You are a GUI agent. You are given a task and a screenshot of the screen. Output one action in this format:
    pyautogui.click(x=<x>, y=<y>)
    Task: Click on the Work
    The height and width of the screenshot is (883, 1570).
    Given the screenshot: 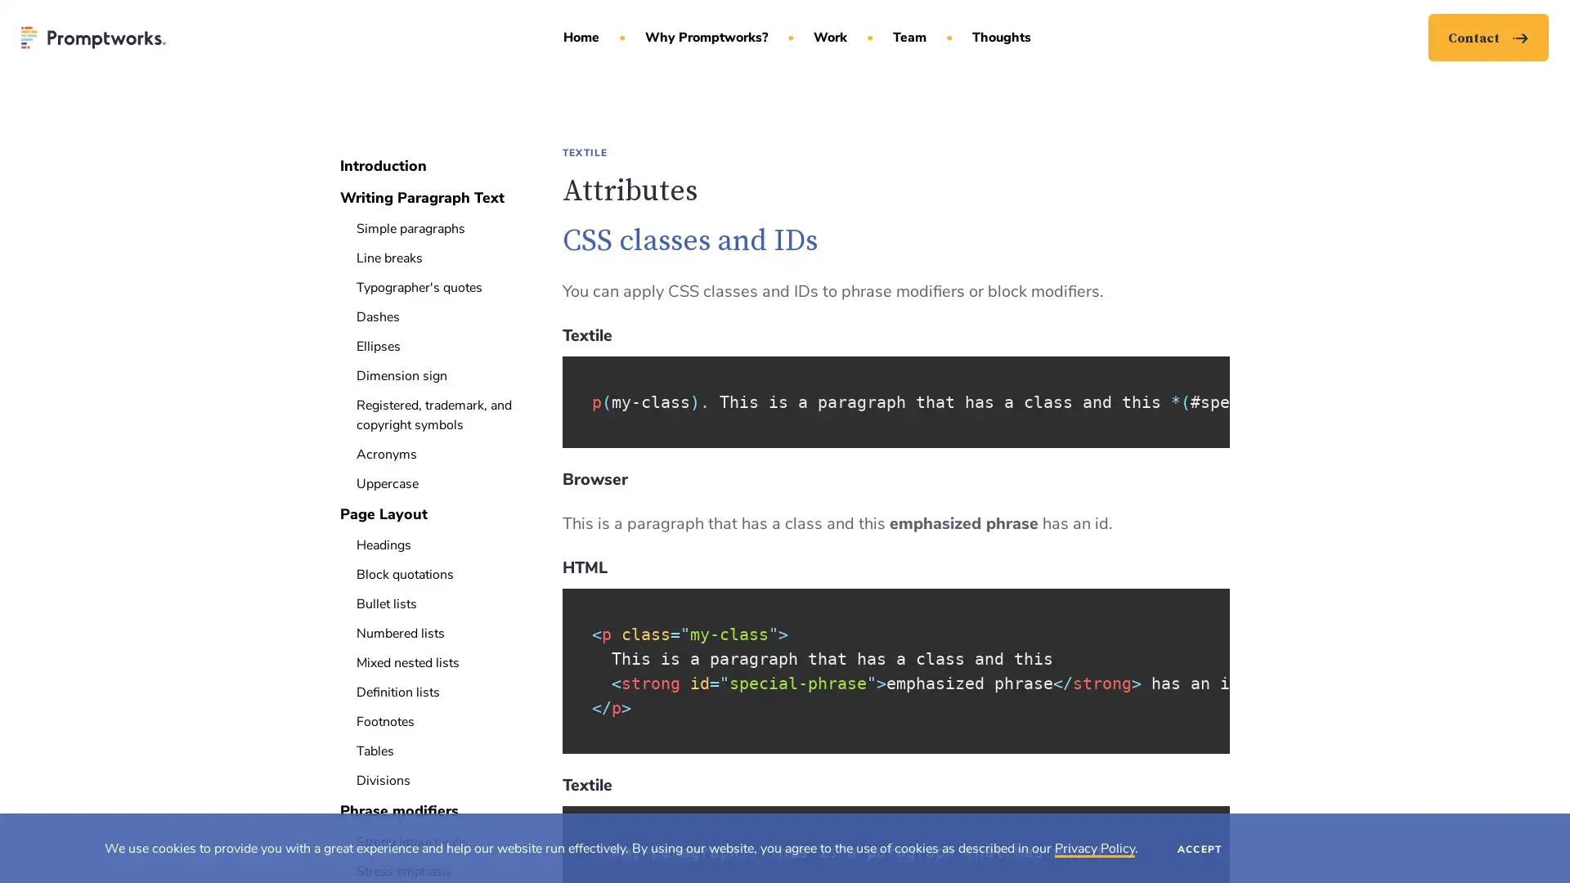 What is the action you would take?
    pyautogui.click(x=836, y=52)
    